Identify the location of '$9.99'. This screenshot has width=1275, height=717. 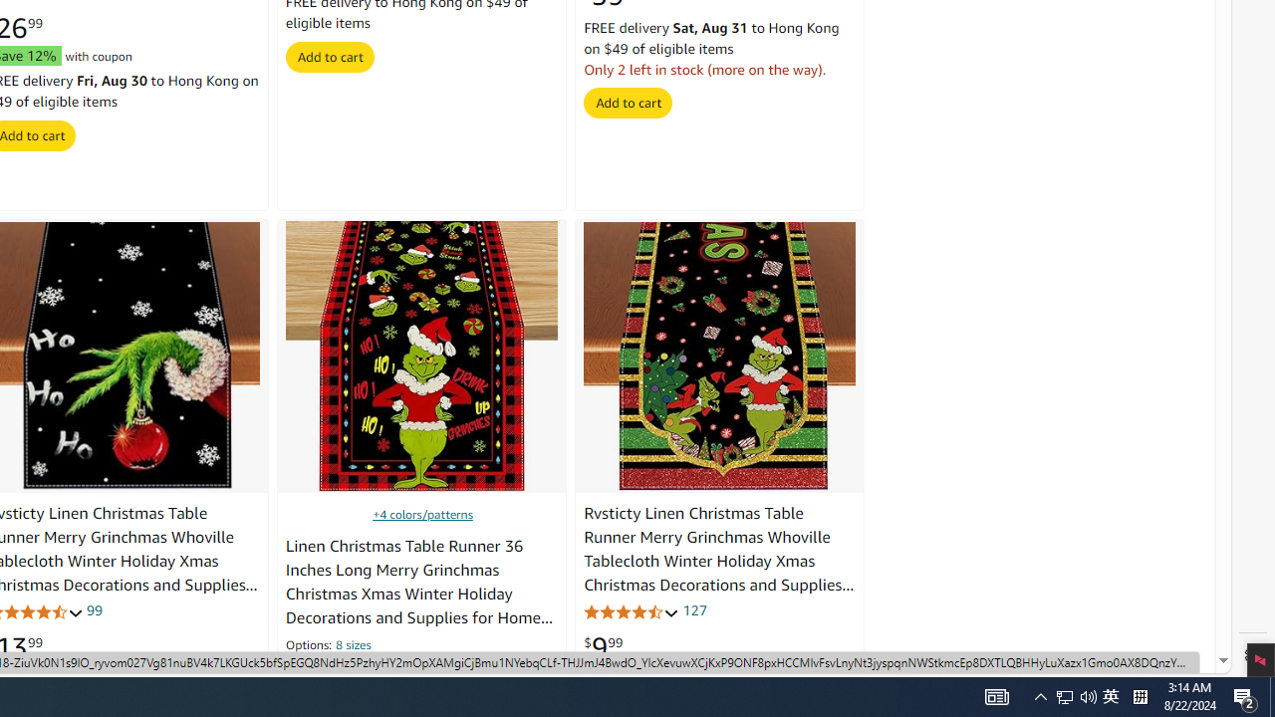
(603, 647).